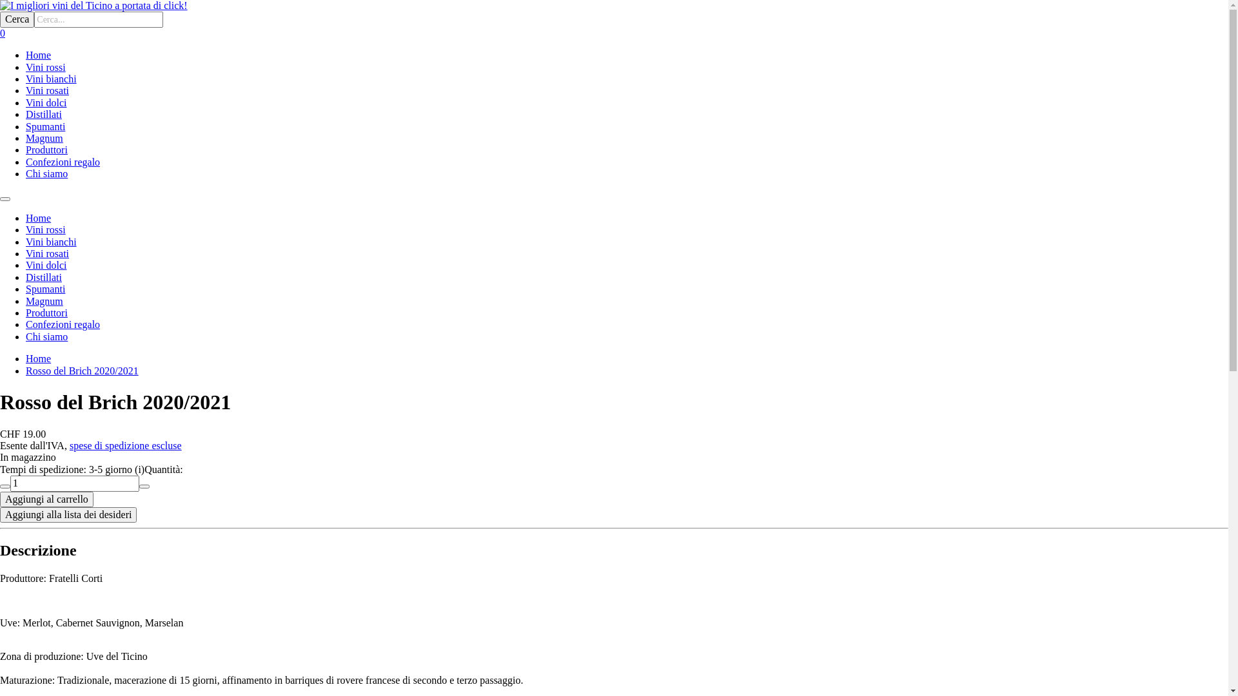 Image resolution: width=1238 pixels, height=696 pixels. Describe the element at coordinates (45, 288) in the screenshot. I see `'Spumanti'` at that location.